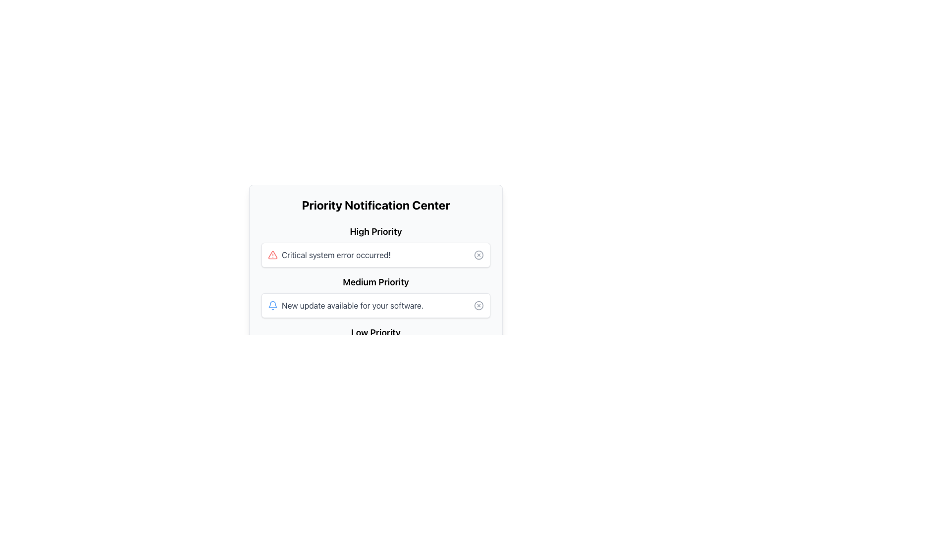 The image size is (951, 535). What do you see at coordinates (375, 332) in the screenshot?
I see `the text label that categorizes notifications of low priority, which is the third heading in a vertically stacked list of headings` at bounding box center [375, 332].